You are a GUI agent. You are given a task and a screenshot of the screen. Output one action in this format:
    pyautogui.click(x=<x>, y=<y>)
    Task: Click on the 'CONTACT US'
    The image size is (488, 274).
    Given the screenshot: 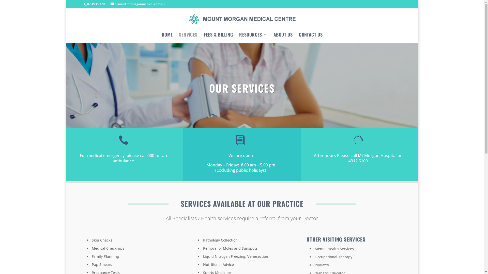 What is the action you would take?
    pyautogui.click(x=310, y=36)
    